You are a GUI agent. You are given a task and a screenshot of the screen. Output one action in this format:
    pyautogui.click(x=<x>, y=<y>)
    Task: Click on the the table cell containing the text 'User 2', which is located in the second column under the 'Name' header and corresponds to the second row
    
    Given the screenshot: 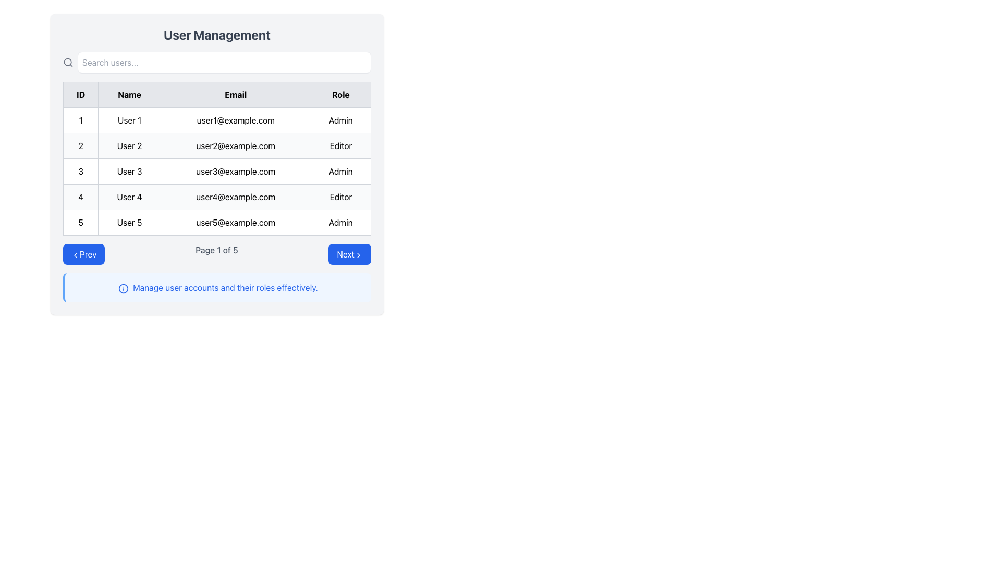 What is the action you would take?
    pyautogui.click(x=129, y=146)
    